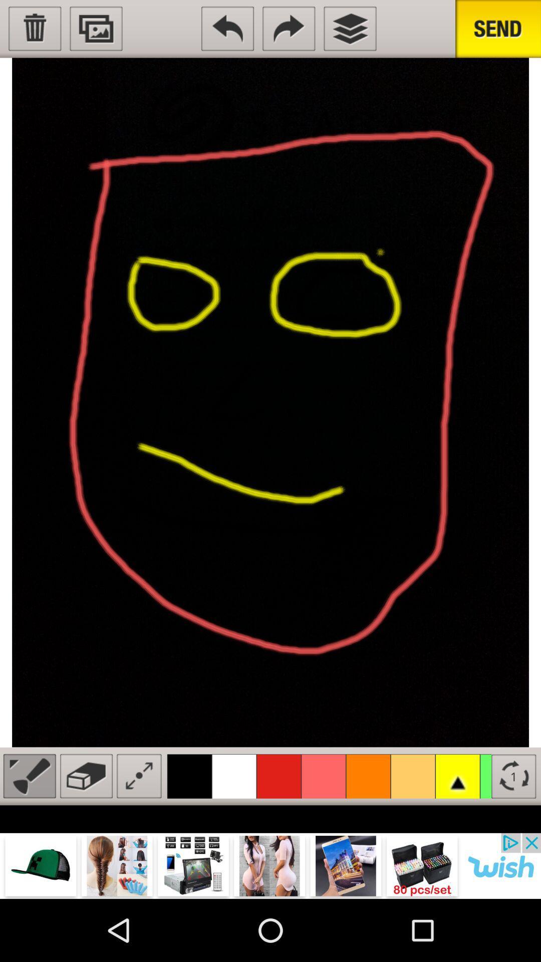 The image size is (541, 962). What do you see at coordinates (227, 29) in the screenshot?
I see `the undo icon` at bounding box center [227, 29].